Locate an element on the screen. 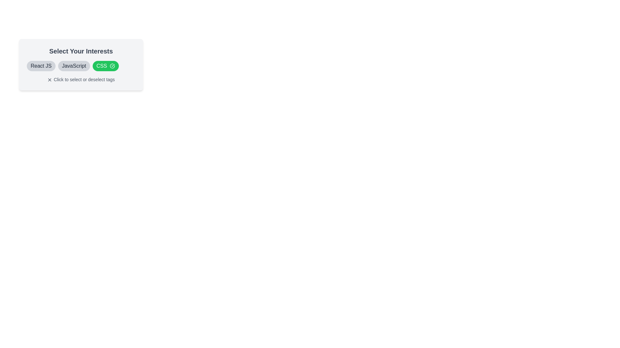 The width and height of the screenshot is (620, 348). the SVG graphical icon indicating the selected 'CSS' tag is located at coordinates (112, 66).